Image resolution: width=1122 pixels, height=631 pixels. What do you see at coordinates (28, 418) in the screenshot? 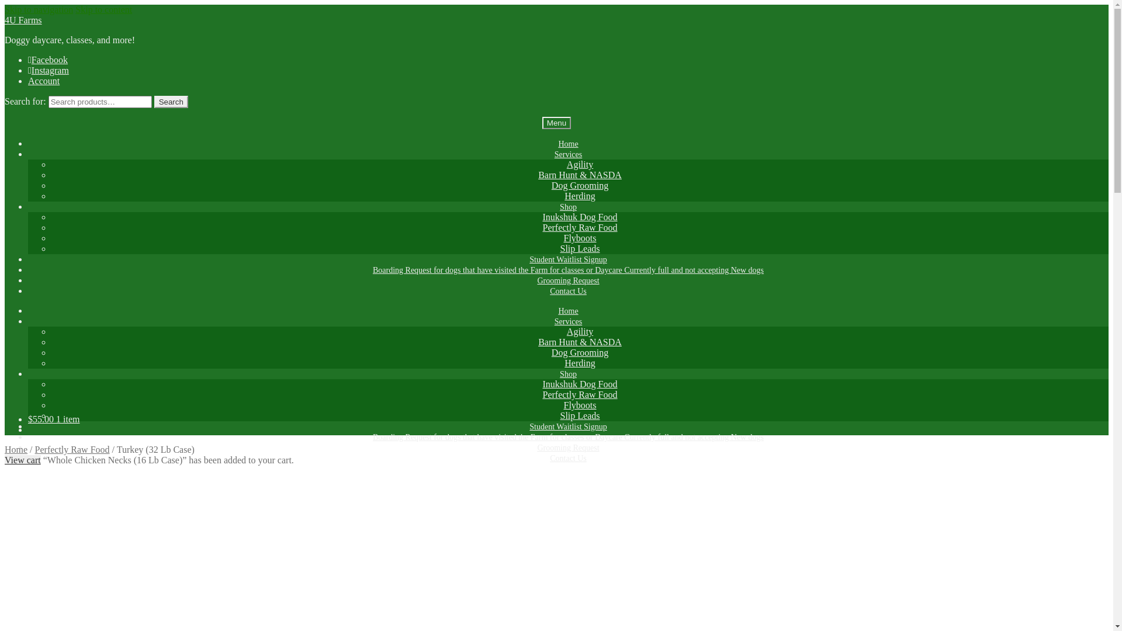
I see `'$55.00 1 item'` at bounding box center [28, 418].